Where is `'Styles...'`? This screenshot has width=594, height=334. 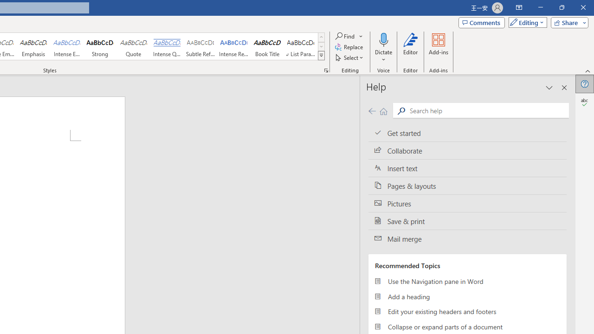
'Styles...' is located at coordinates (326, 70).